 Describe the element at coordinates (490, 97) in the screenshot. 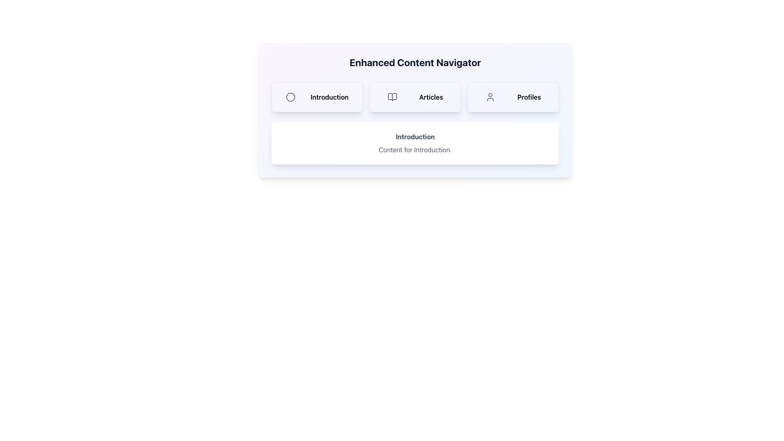

I see `the navigational keys` at that location.